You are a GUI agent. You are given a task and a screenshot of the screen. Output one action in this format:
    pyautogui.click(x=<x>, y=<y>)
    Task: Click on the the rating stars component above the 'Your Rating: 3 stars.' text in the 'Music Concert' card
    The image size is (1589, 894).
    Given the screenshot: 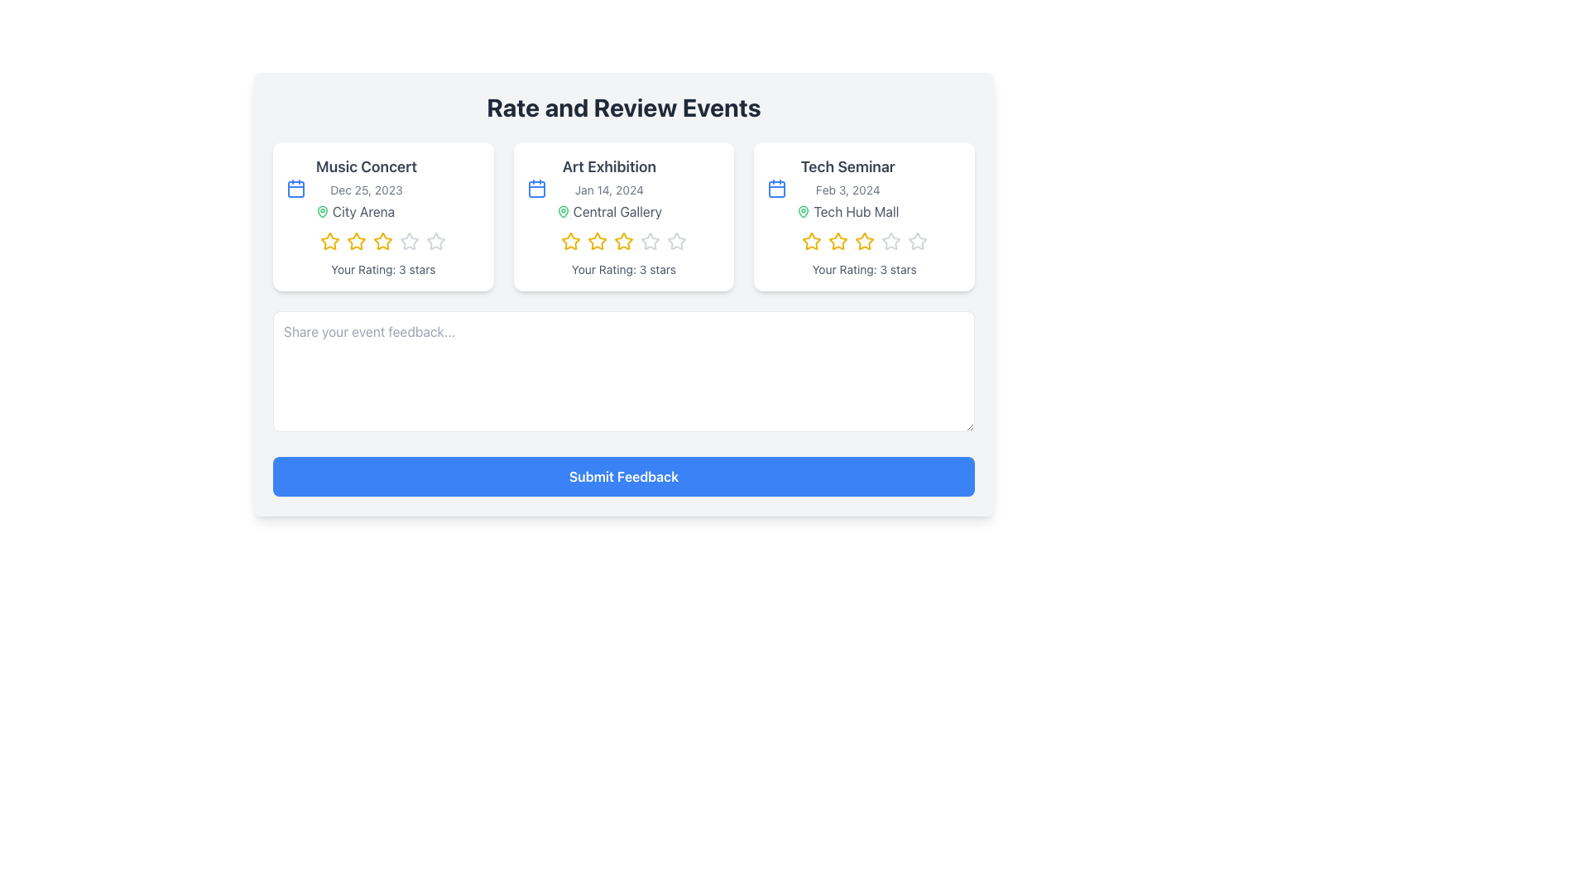 What is the action you would take?
    pyautogui.click(x=382, y=242)
    